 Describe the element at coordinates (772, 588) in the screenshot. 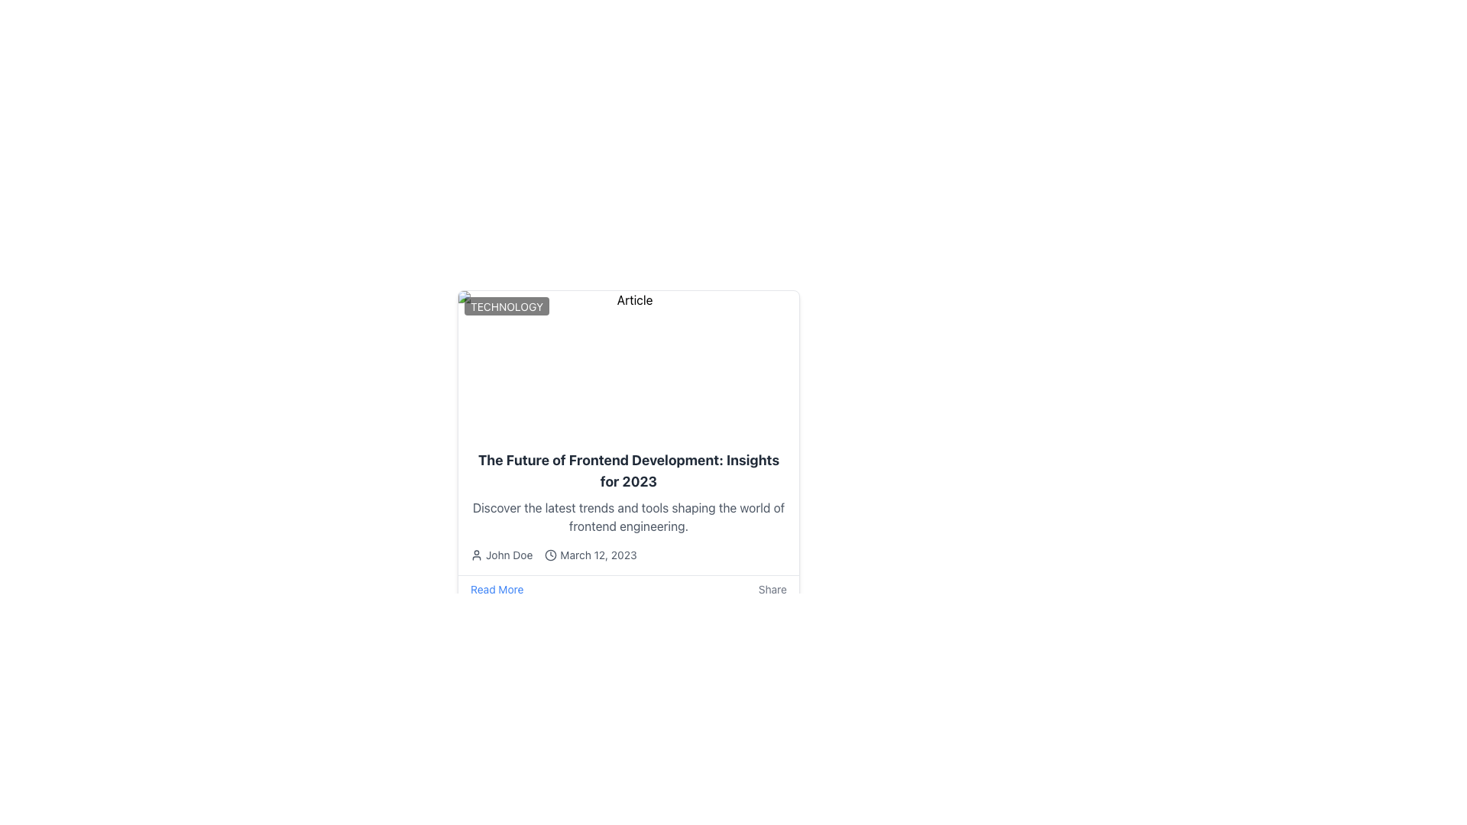

I see `the 'Share' button located in the bottom-right corner of the card layout` at that location.